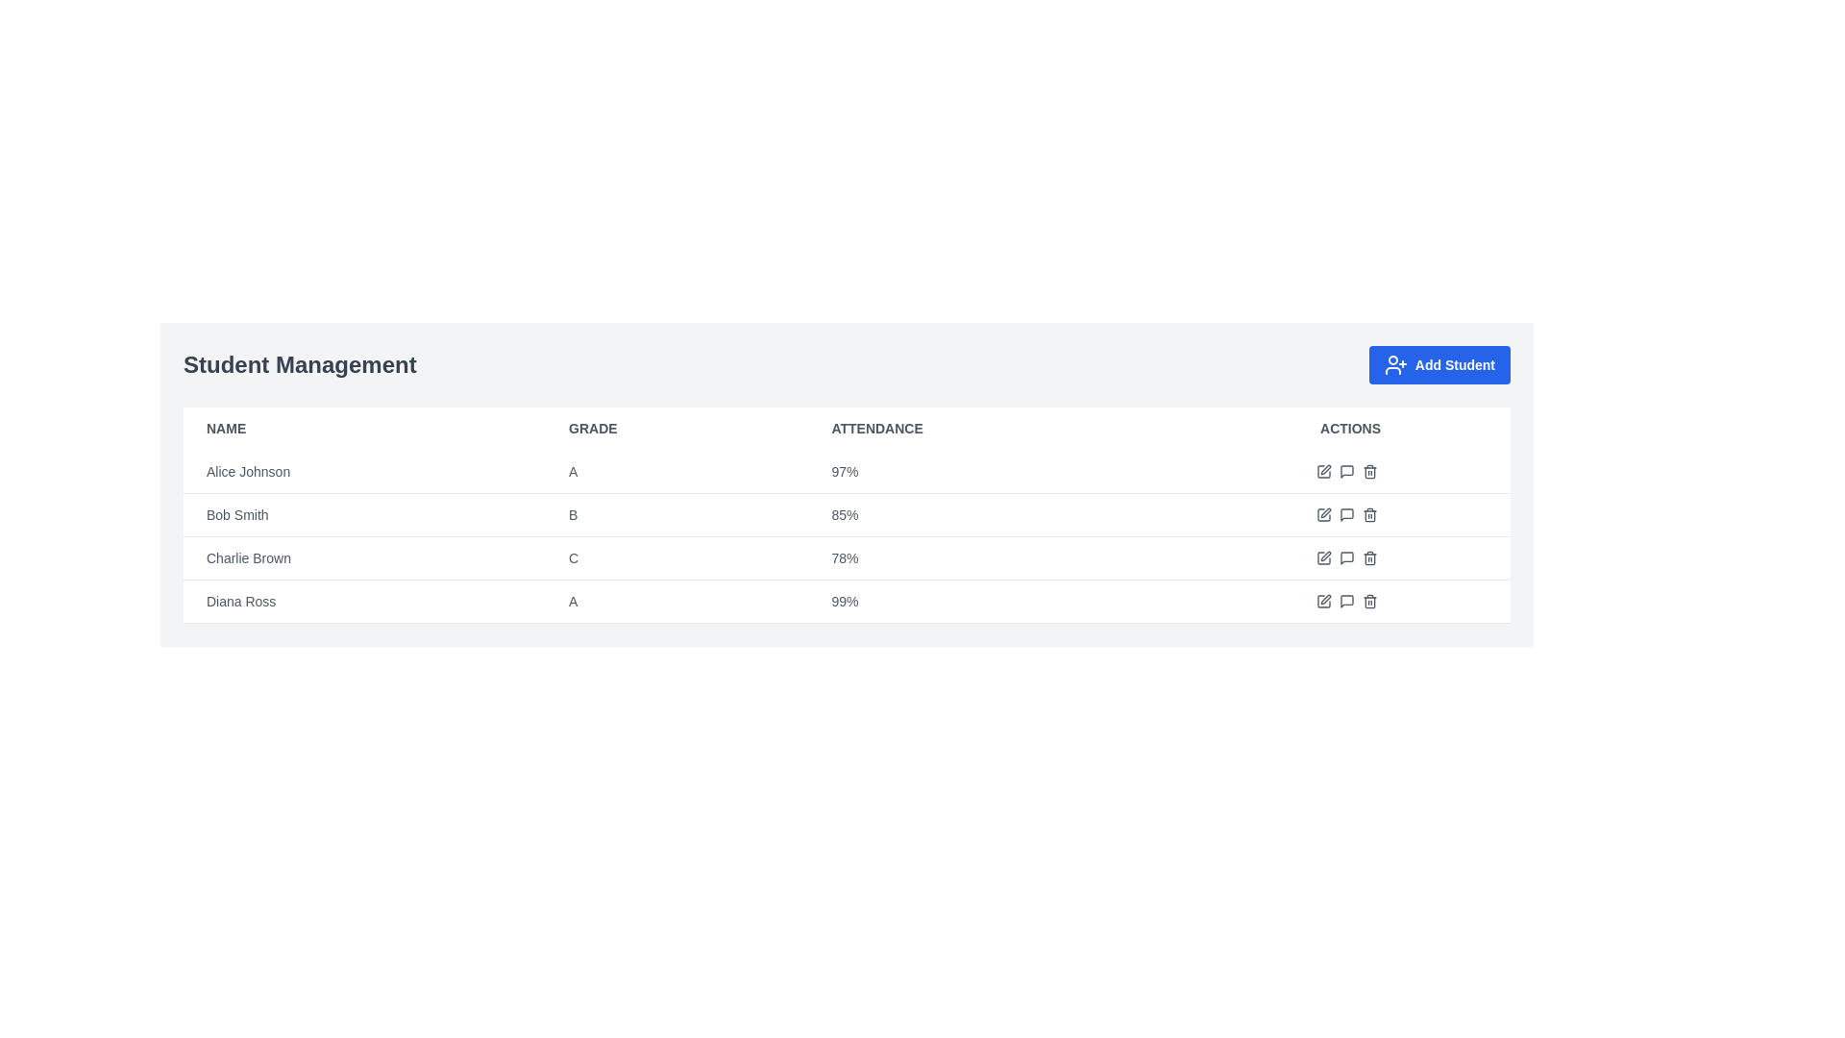 The width and height of the screenshot is (1845, 1038). I want to click on the editing icon depicted as a square with a pen motif, located in the first row of the 'Actions' column, which changes to blue and enlarges on hover, so click(1322, 471).